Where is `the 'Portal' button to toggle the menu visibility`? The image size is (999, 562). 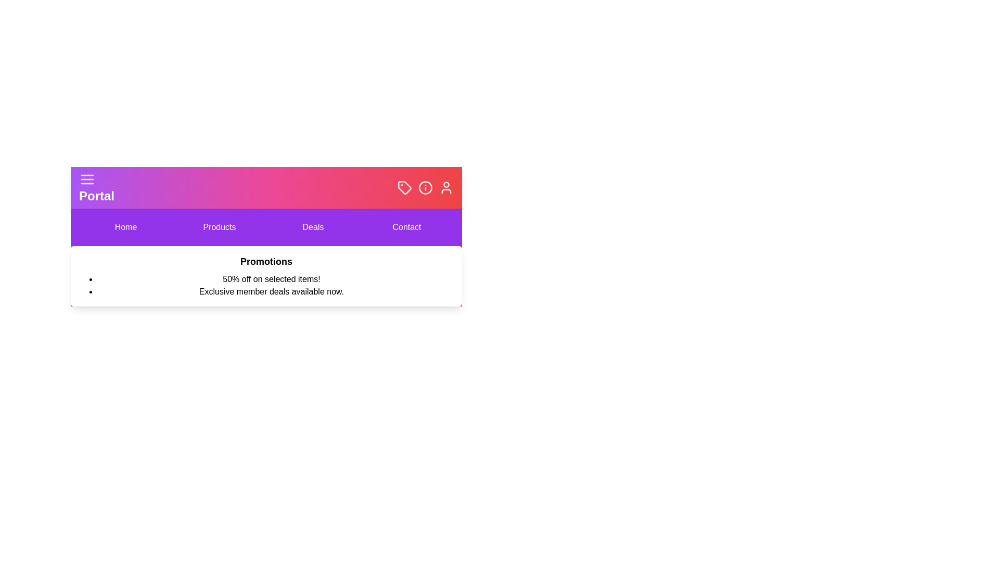 the 'Portal' button to toggle the menu visibility is located at coordinates (97, 188).